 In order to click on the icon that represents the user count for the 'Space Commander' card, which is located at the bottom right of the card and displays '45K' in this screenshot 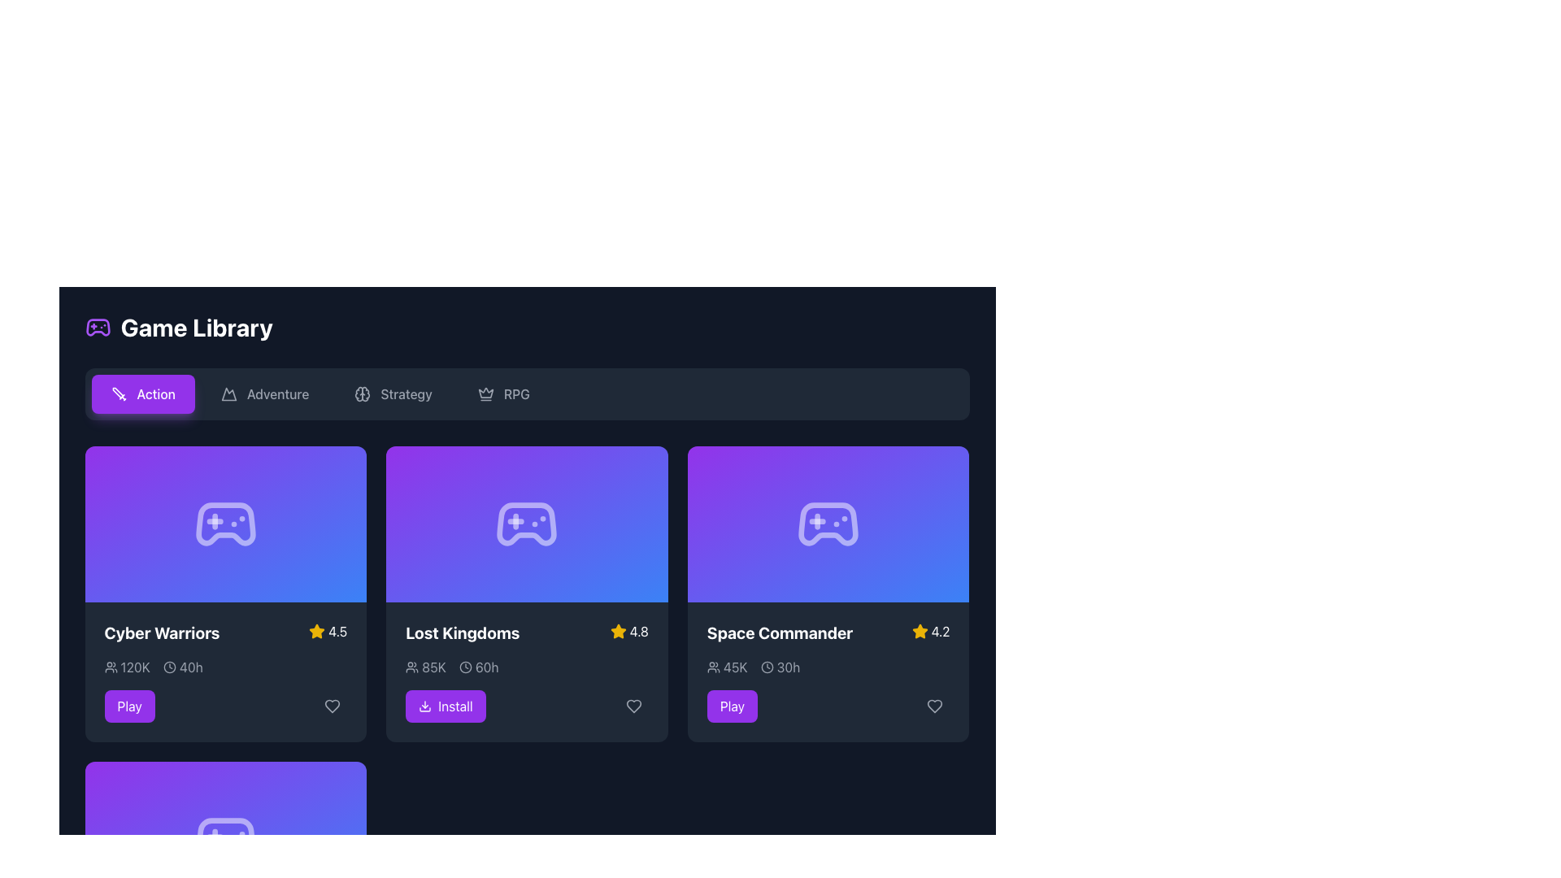, I will do `click(713, 667)`.